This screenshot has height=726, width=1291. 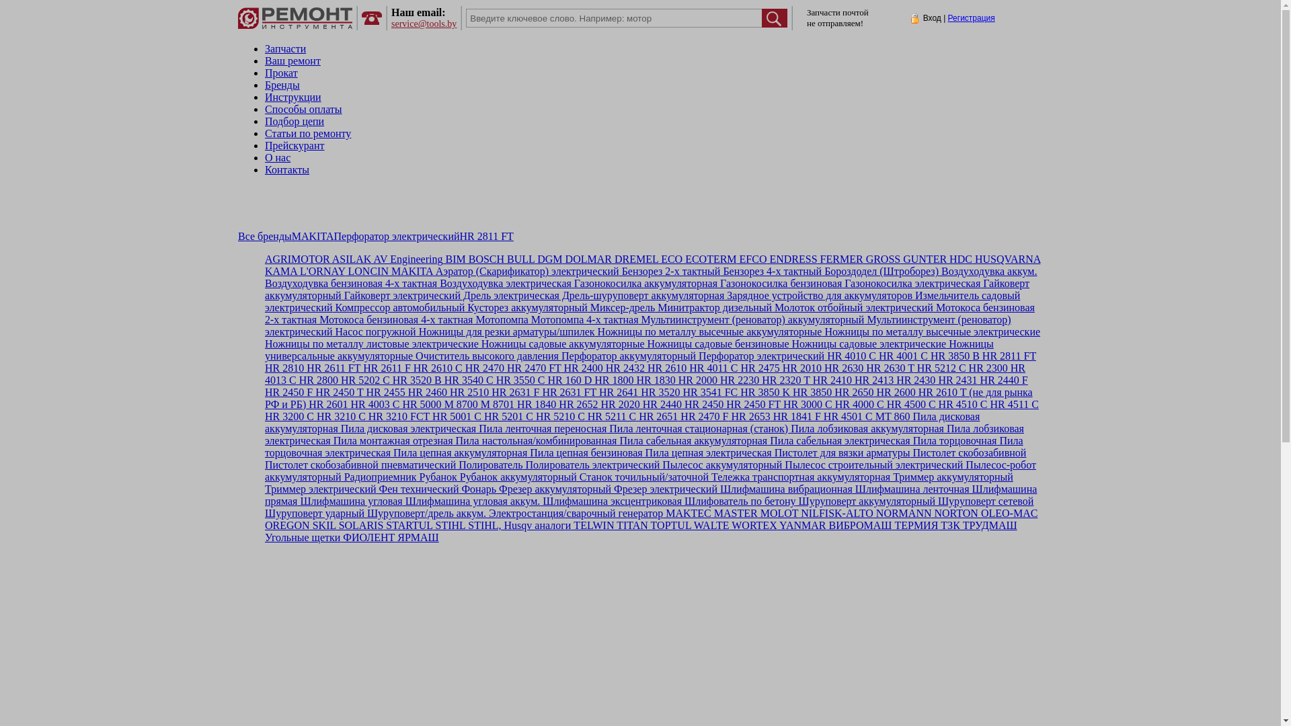 What do you see at coordinates (655, 380) in the screenshot?
I see `'HR 1830'` at bounding box center [655, 380].